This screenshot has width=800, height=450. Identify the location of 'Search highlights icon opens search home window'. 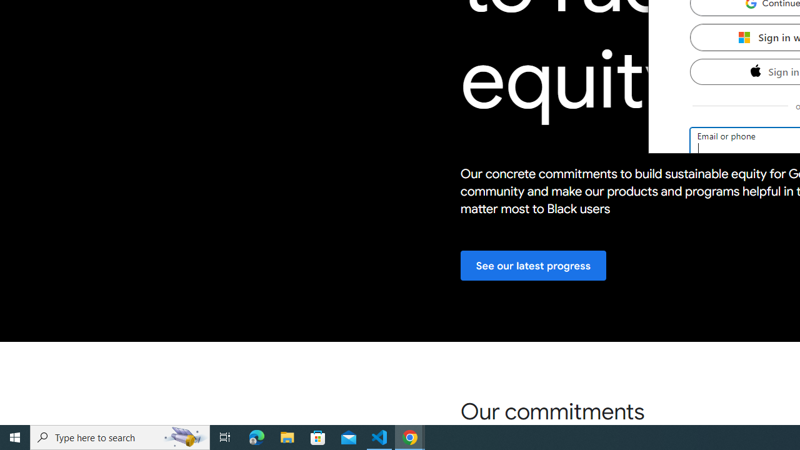
(184, 436).